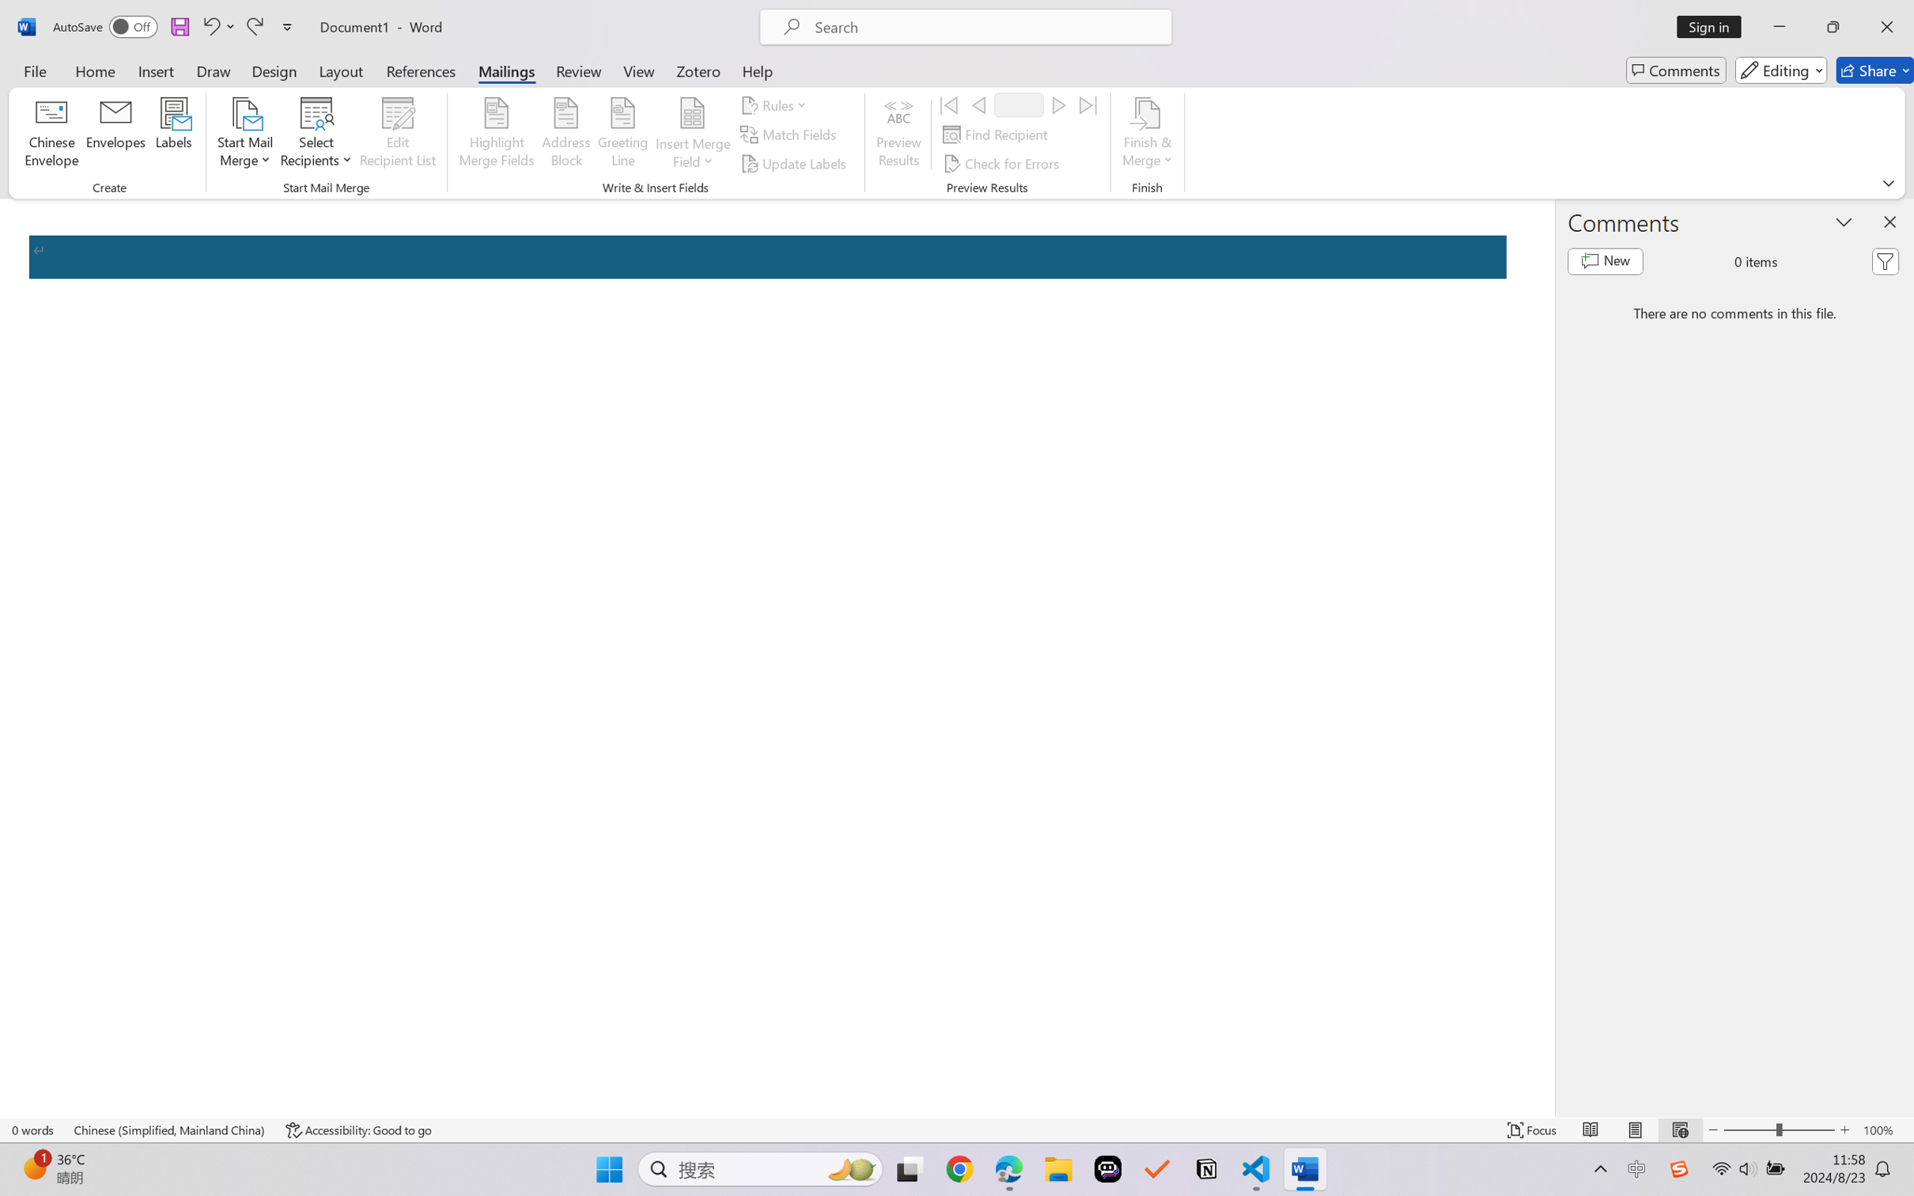 The width and height of the screenshot is (1914, 1196). I want to click on 'Greeting Line...', so click(622, 134).